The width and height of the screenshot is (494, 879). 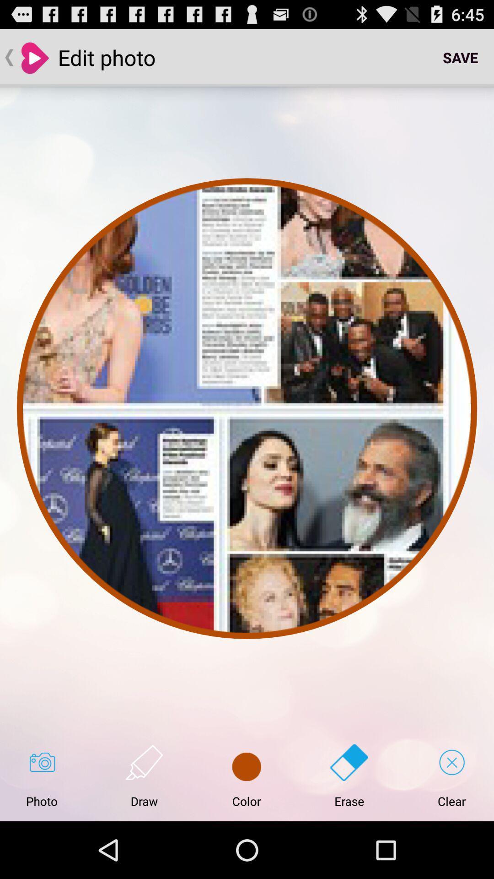 What do you see at coordinates (451, 776) in the screenshot?
I see `icon to the right of the erase icon` at bounding box center [451, 776].